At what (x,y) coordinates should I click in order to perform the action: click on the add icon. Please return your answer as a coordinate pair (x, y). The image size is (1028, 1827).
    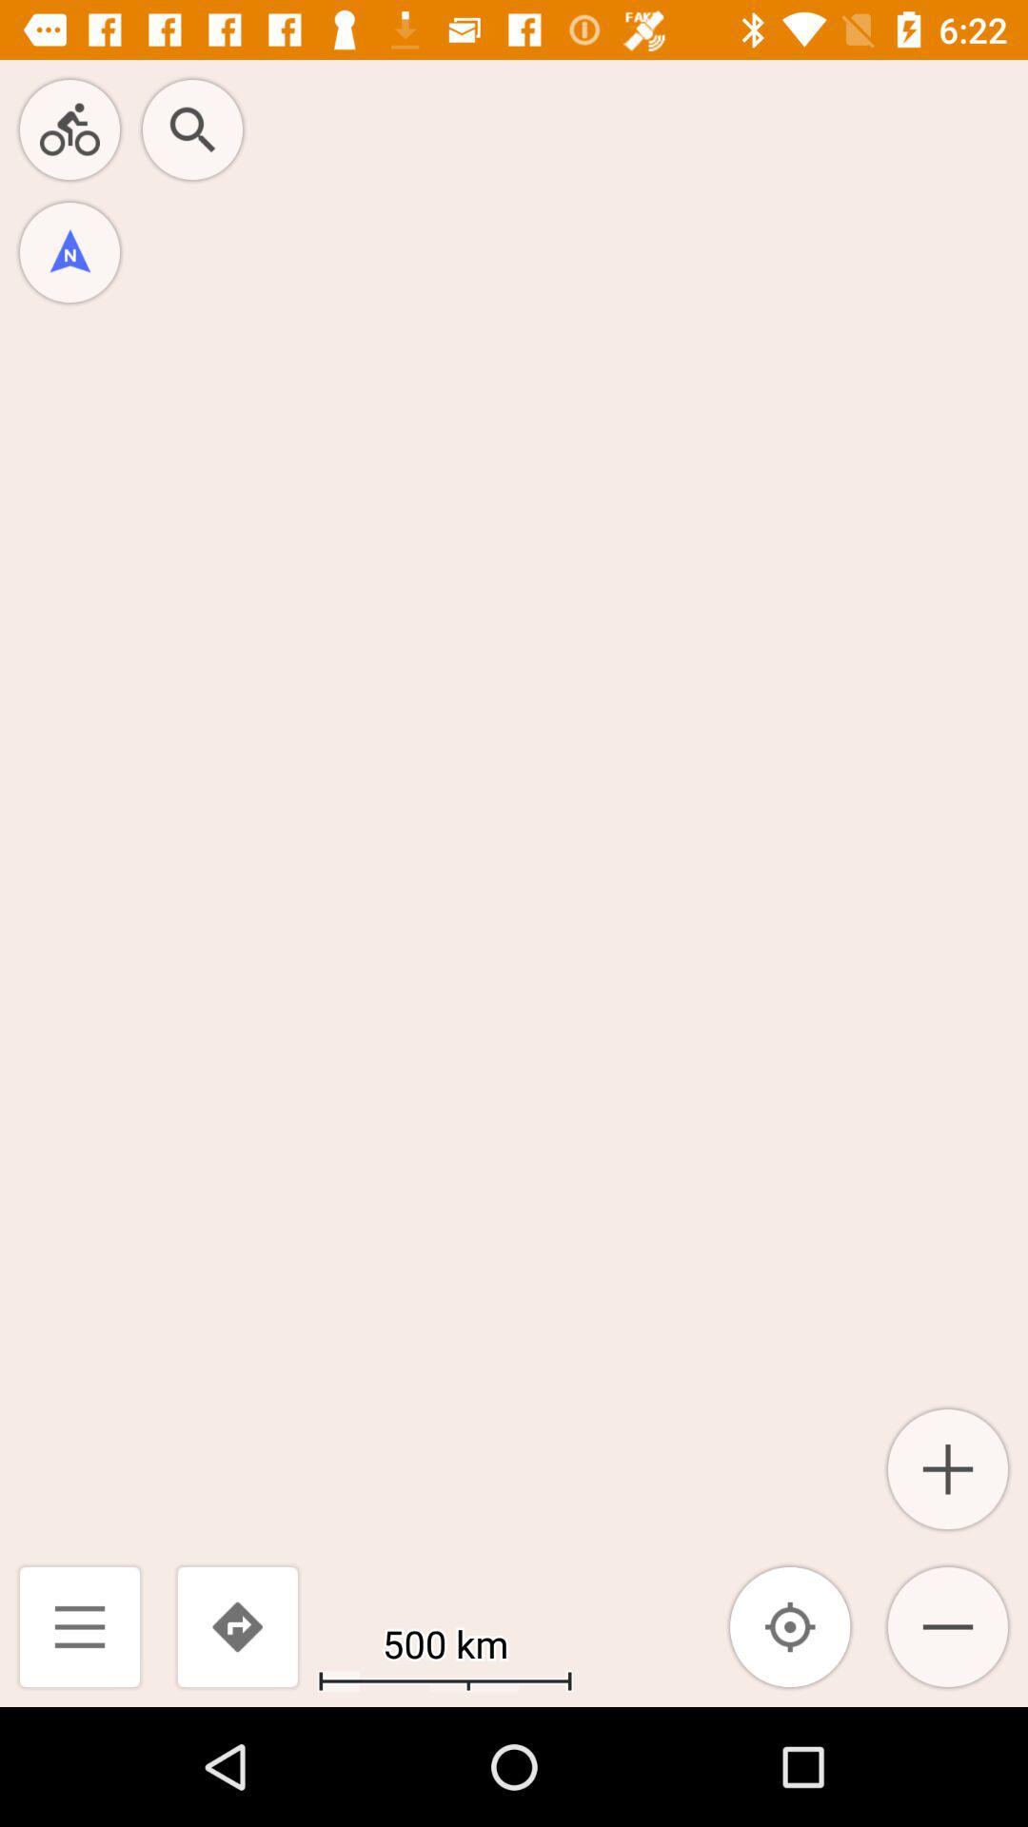
    Looking at the image, I should click on (947, 1468).